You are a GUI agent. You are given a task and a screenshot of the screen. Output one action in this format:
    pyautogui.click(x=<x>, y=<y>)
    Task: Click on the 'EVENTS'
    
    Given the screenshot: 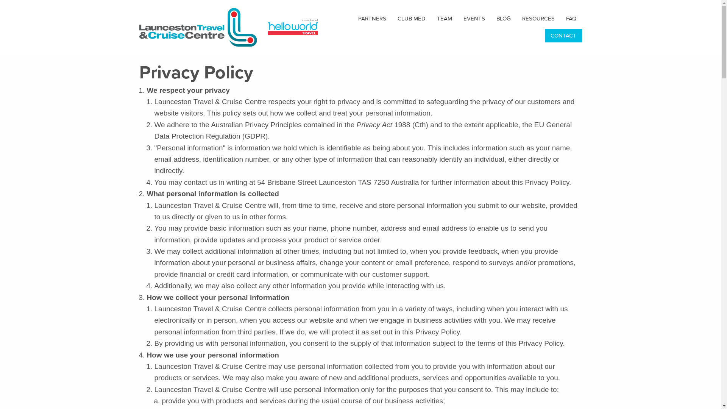 What is the action you would take?
    pyautogui.click(x=474, y=18)
    